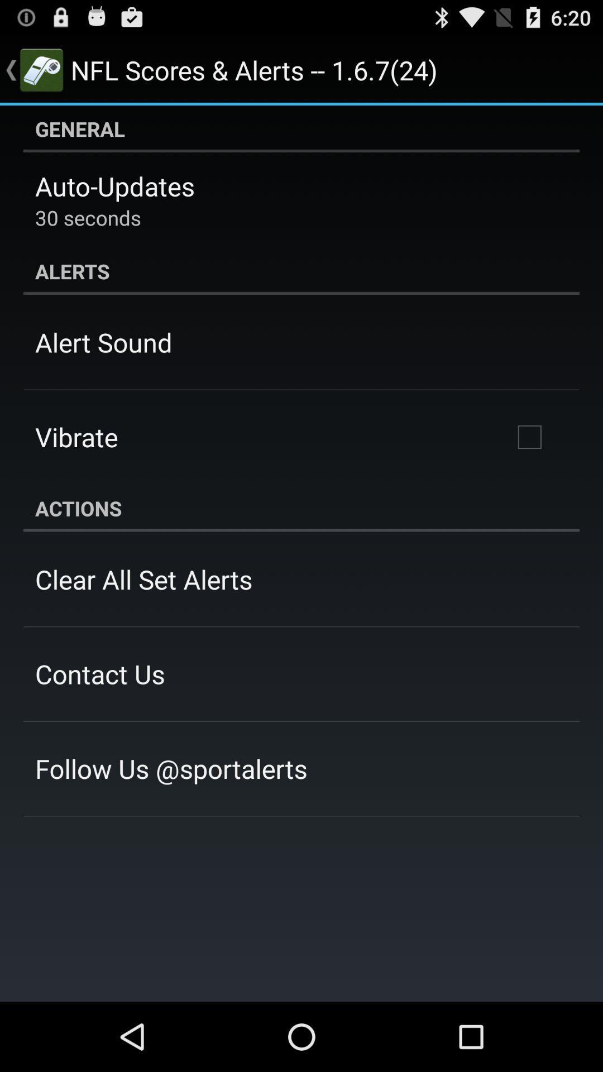 This screenshot has height=1072, width=603. What do you see at coordinates (301, 128) in the screenshot?
I see `the general` at bounding box center [301, 128].